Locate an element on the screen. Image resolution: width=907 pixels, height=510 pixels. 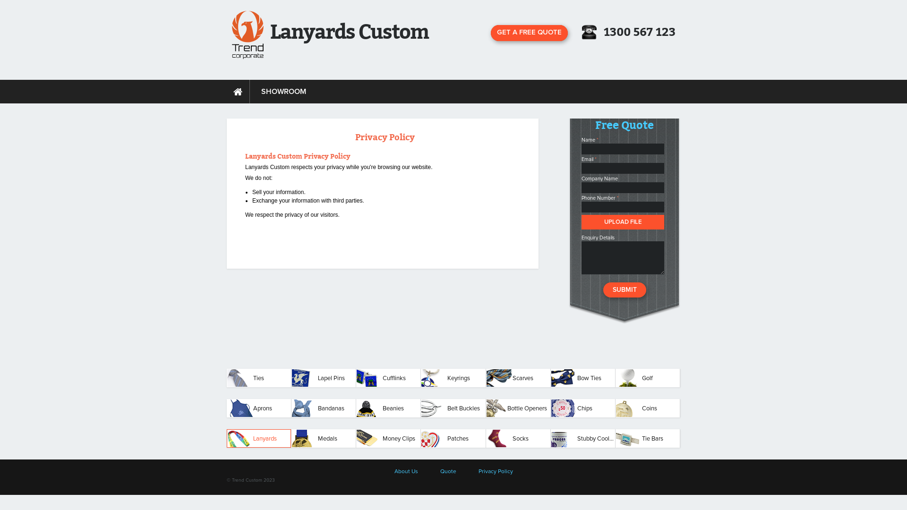
'Beanies' is located at coordinates (388, 408).